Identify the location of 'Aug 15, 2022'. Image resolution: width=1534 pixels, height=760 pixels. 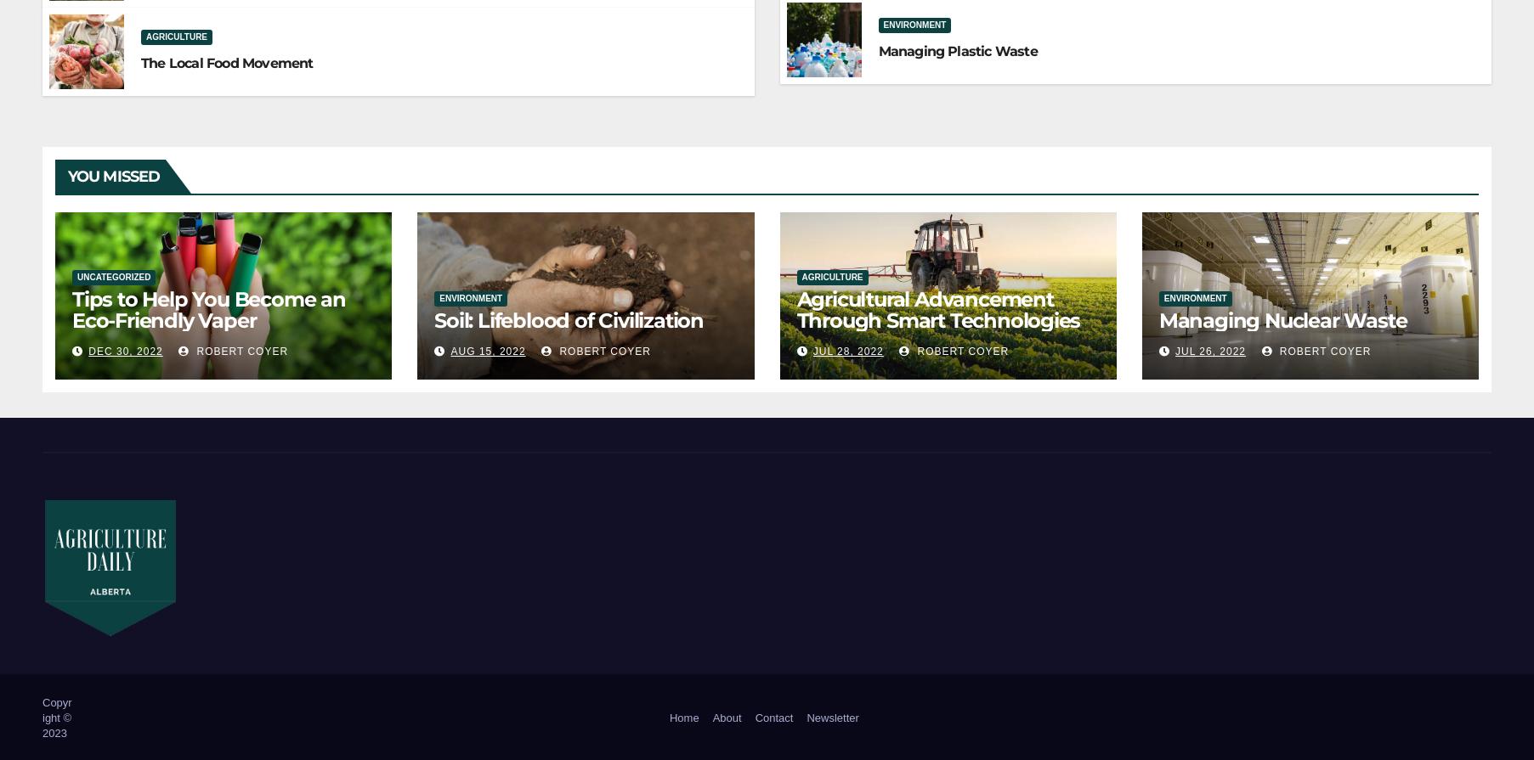
(486, 352).